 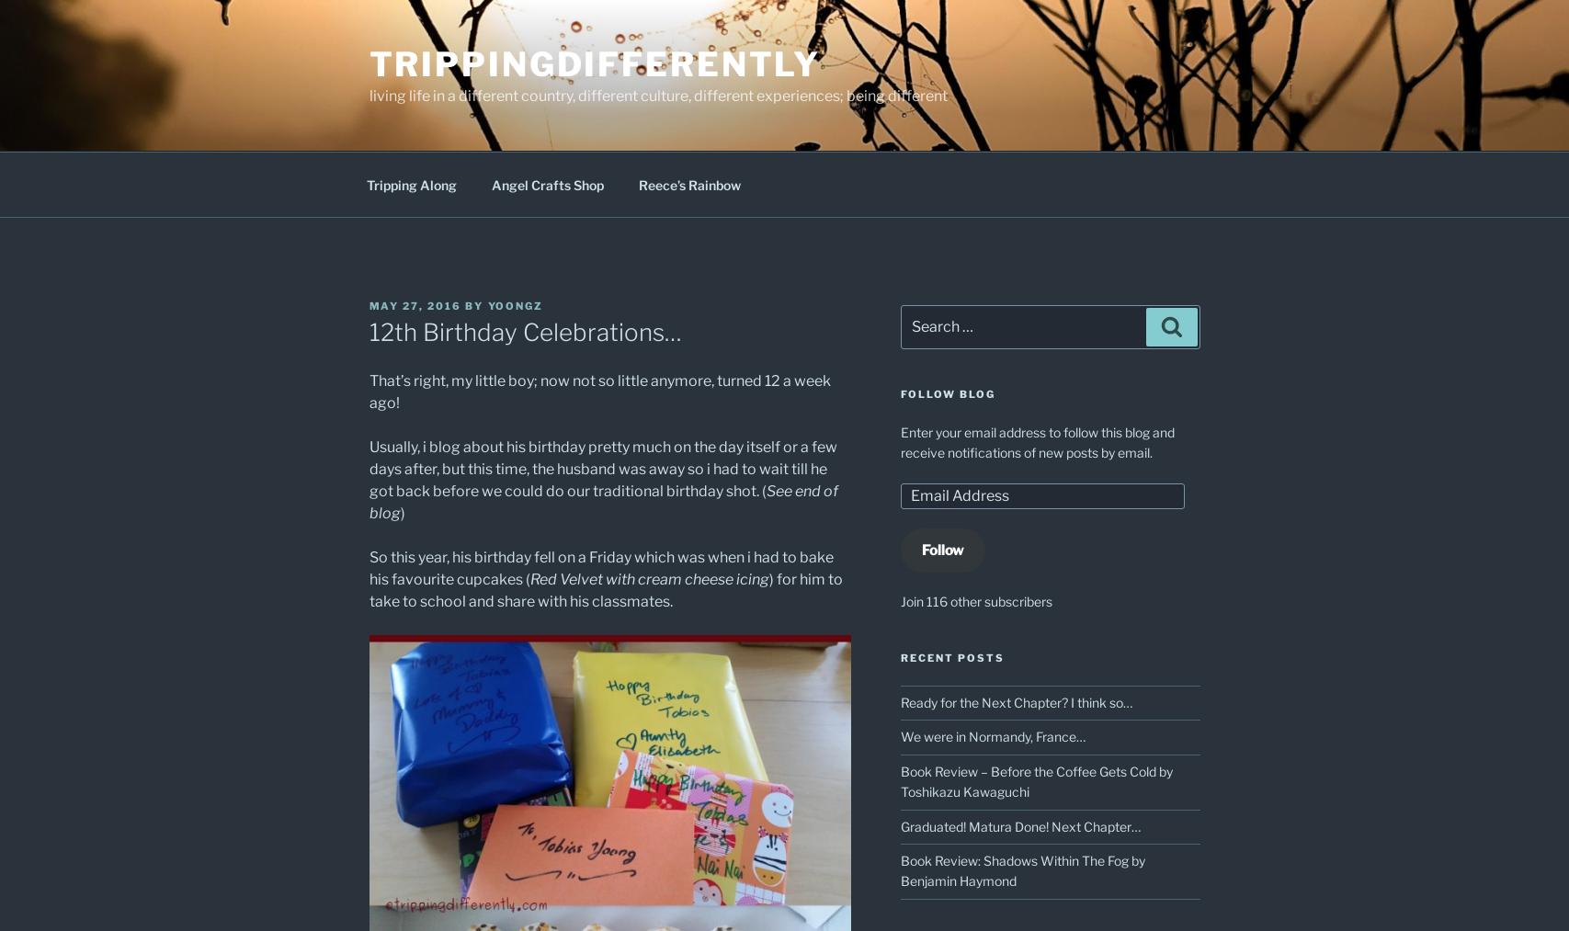 What do you see at coordinates (992, 736) in the screenshot?
I see `'We were in Normandy, France…'` at bounding box center [992, 736].